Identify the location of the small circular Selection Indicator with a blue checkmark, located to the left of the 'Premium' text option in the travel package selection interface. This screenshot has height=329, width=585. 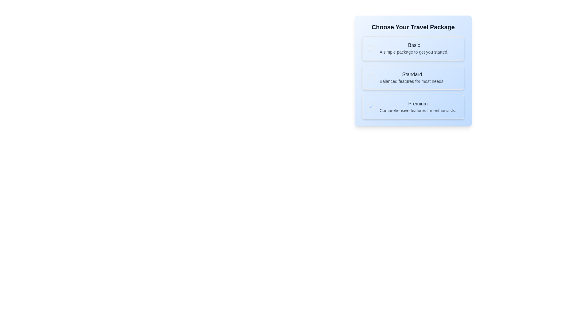
(371, 107).